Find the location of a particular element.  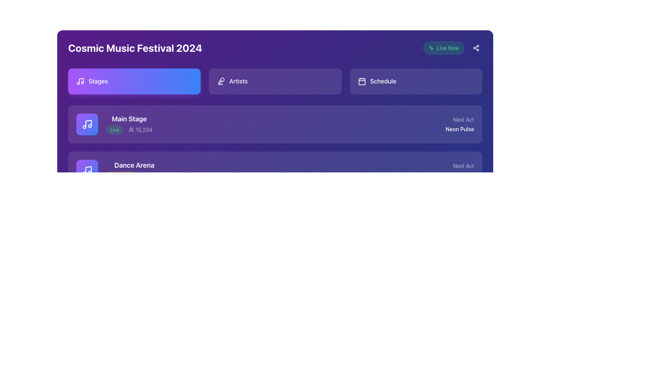

the 'Stages' text label, which is a navigation menu item with a modern sans-serif font and white color against a blue gradient background, to potentially reveal additional details or visual effects is located at coordinates (98, 81).